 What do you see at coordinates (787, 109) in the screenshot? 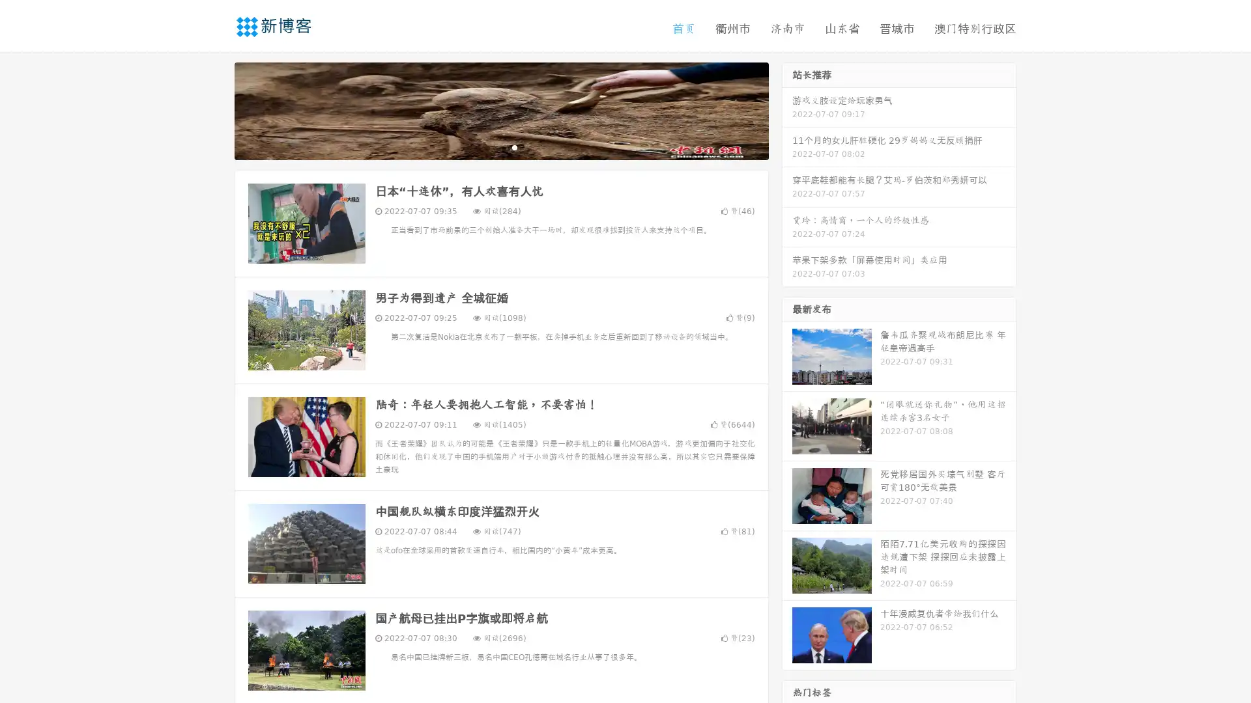
I see `Next slide` at bounding box center [787, 109].